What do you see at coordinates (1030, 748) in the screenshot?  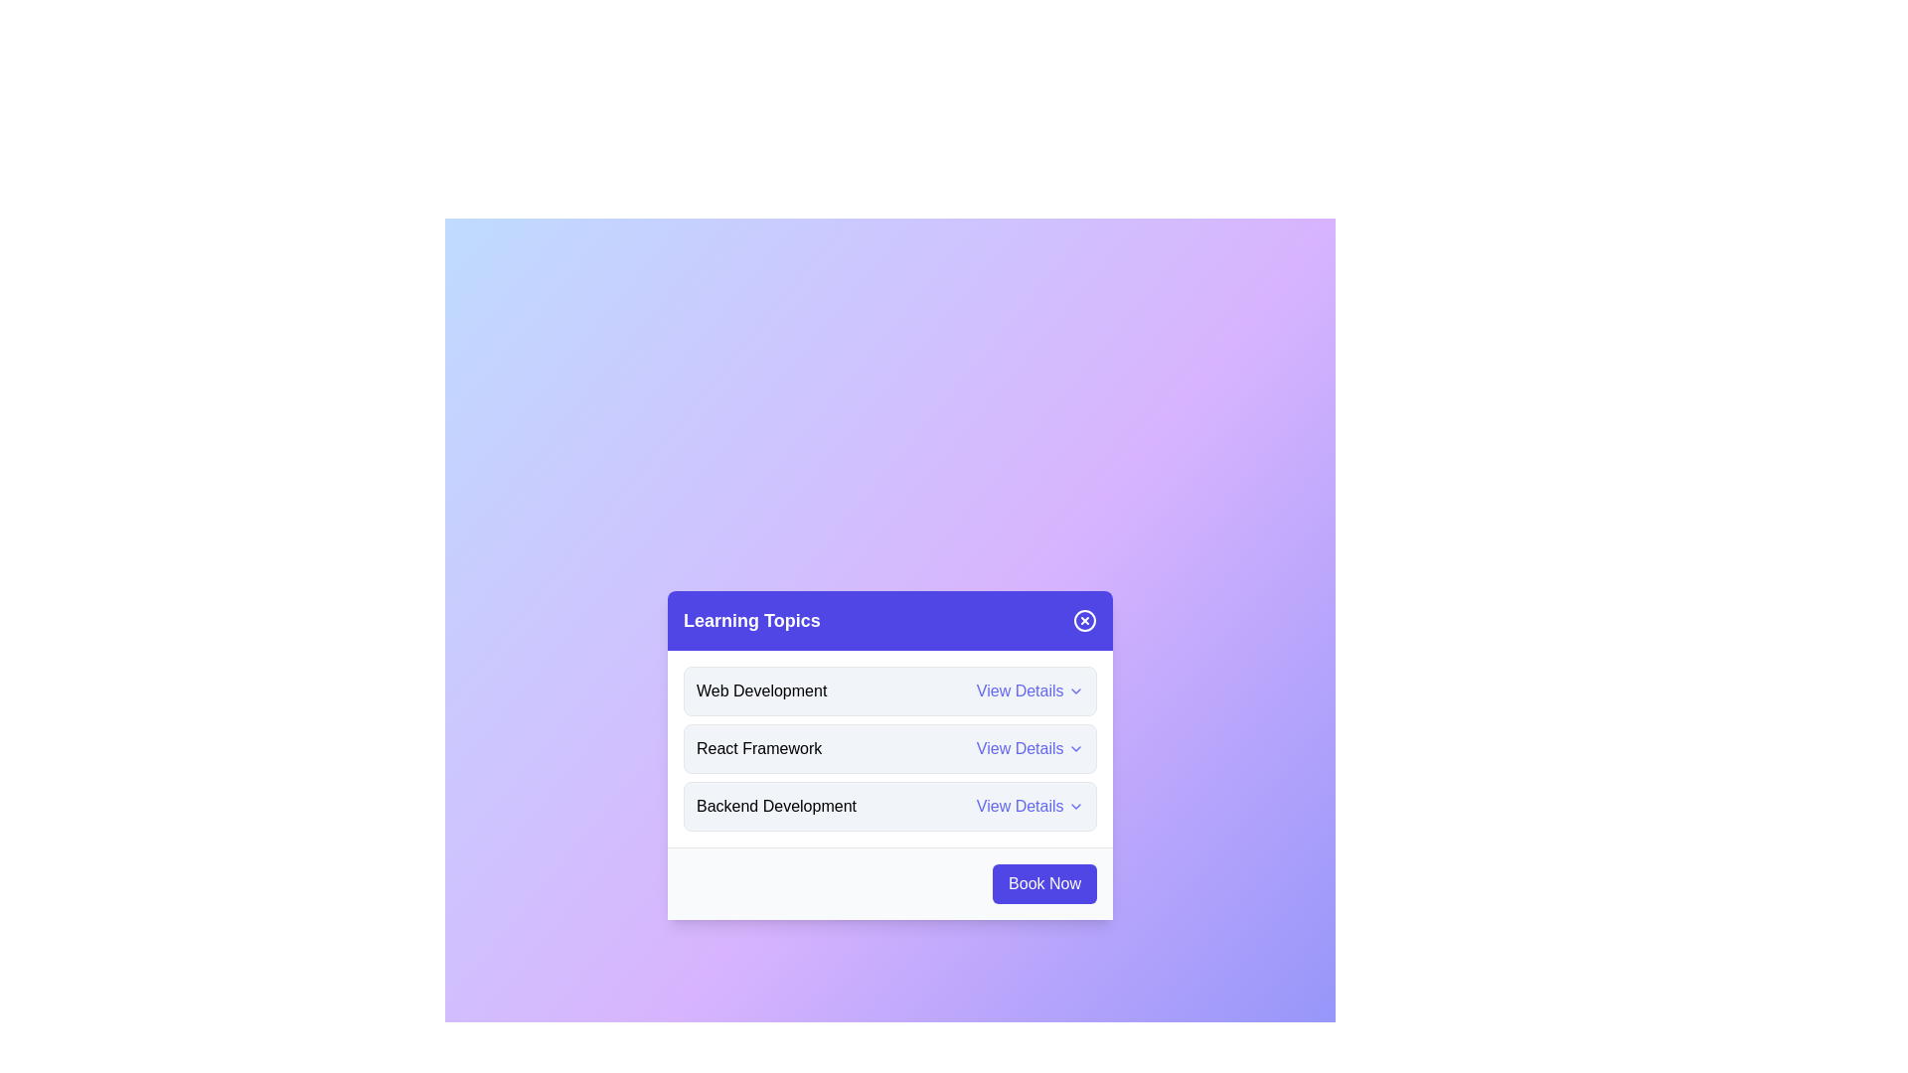 I see `the 'View Details' button for React Framework` at bounding box center [1030, 748].